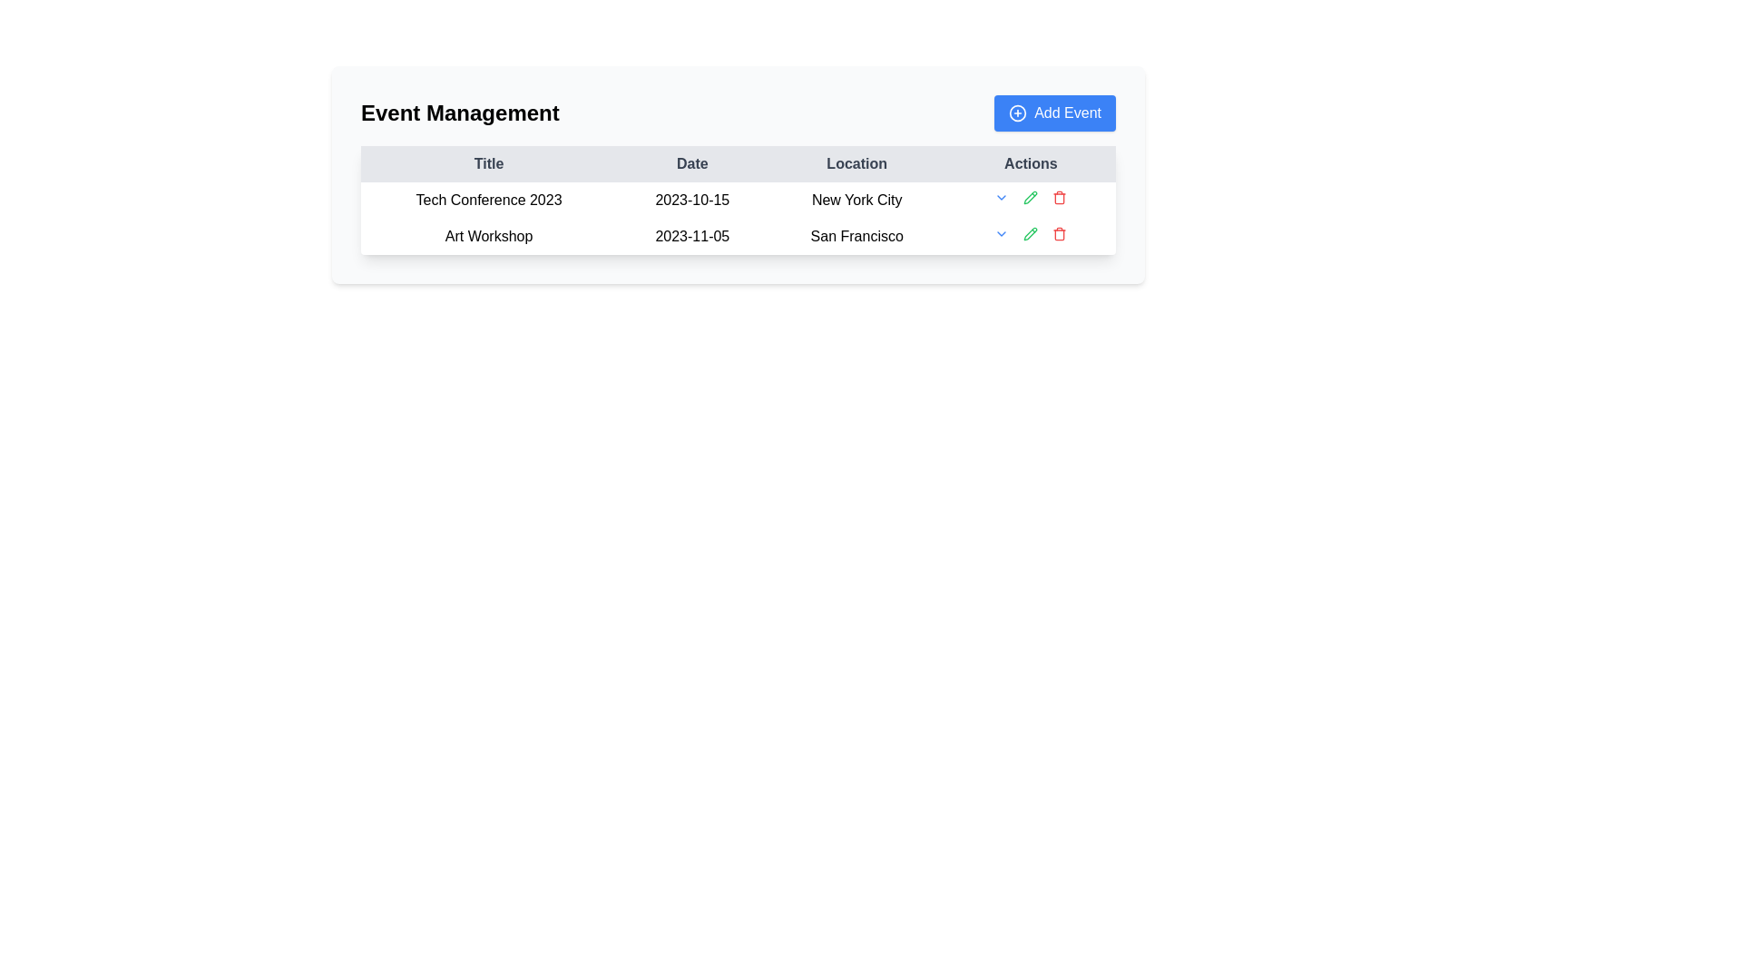  What do you see at coordinates (489, 236) in the screenshot?
I see `the Text Label that displays the title of the event in the second row of the 'Title' column in the data table` at bounding box center [489, 236].